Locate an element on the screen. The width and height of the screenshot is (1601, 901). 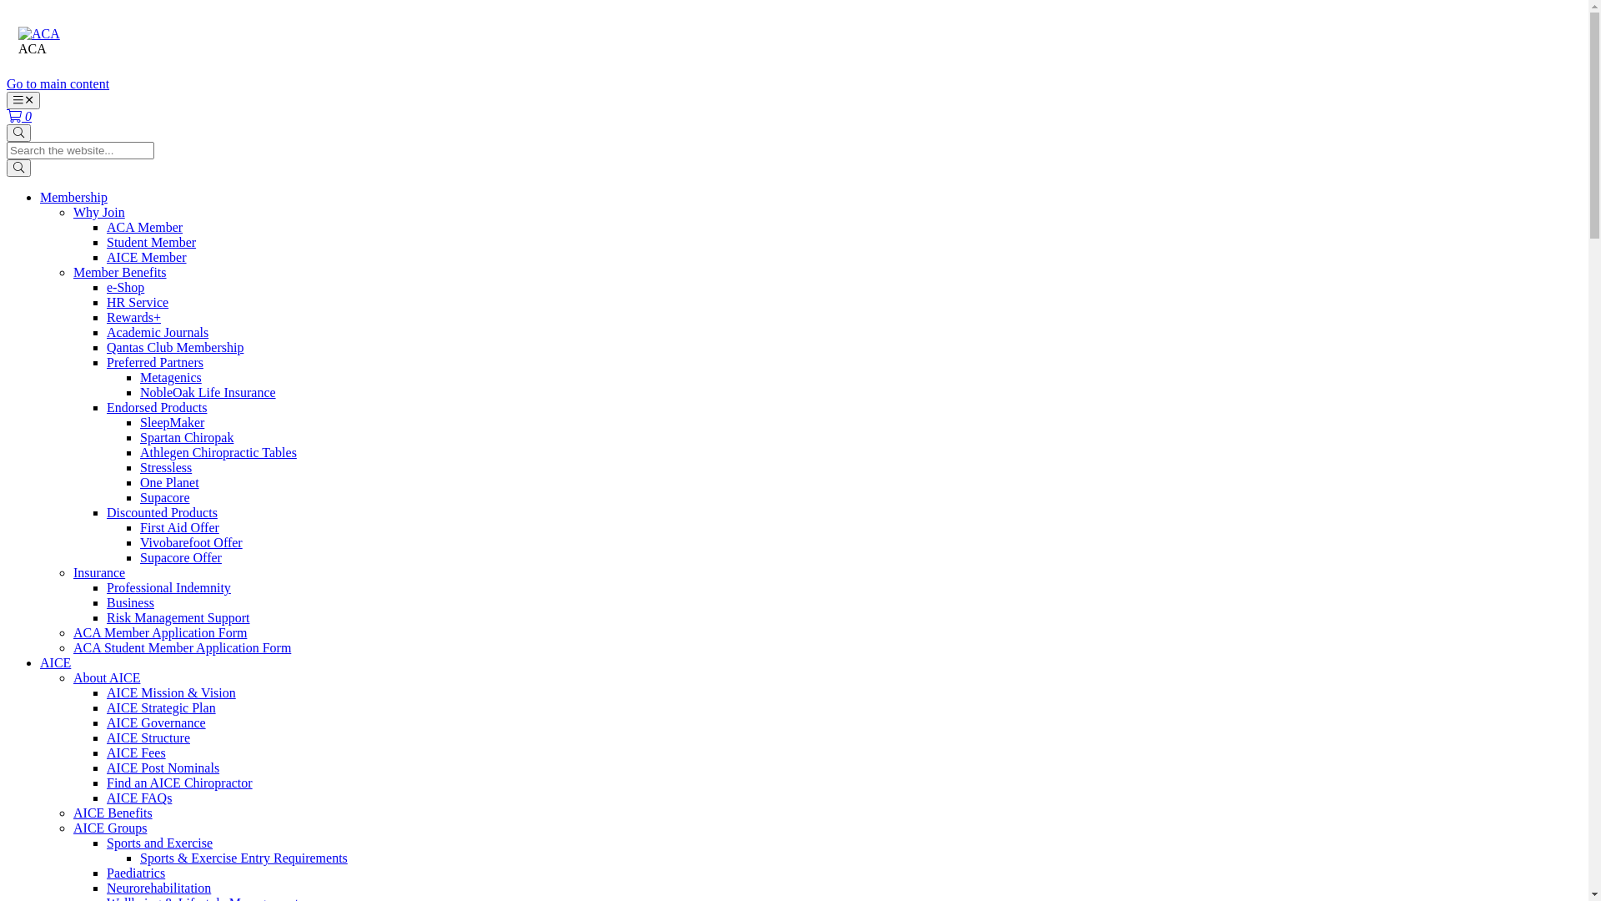
'Metagenics' is located at coordinates (171, 377).